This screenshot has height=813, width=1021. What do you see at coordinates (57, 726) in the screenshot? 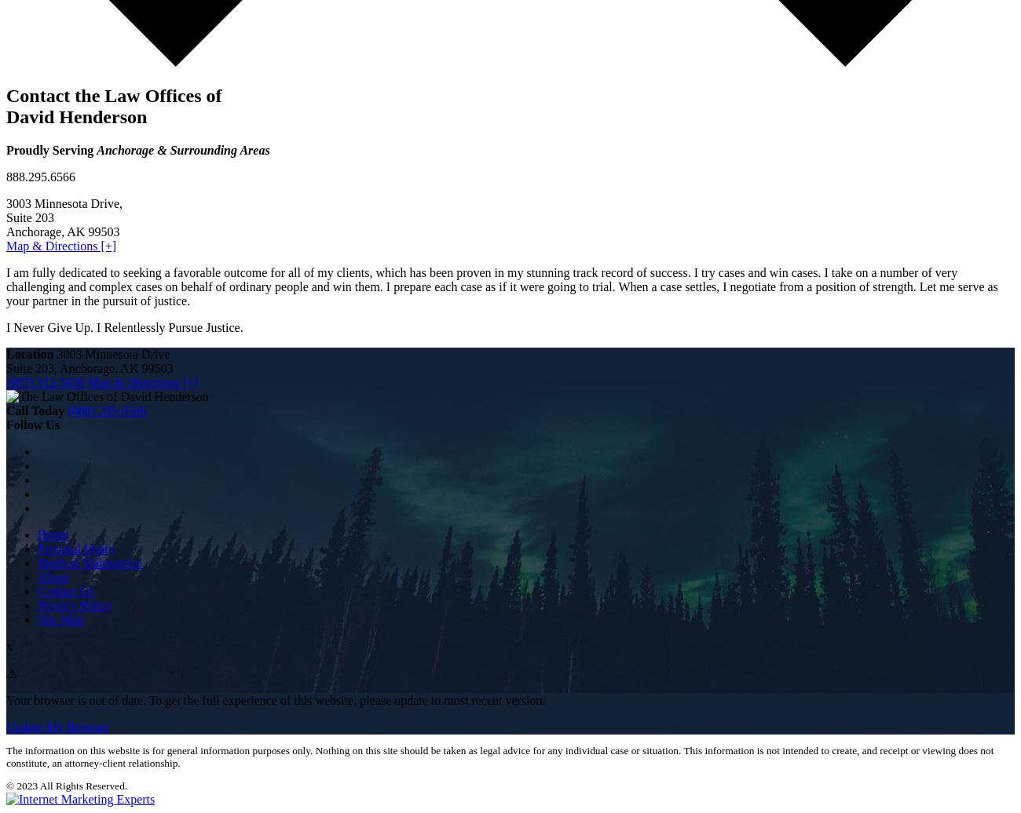
I see `'Update My Browser'` at bounding box center [57, 726].